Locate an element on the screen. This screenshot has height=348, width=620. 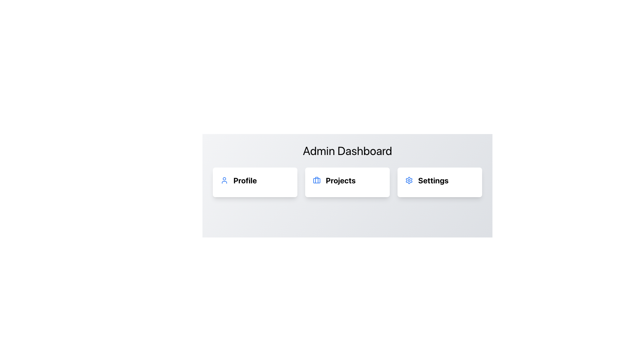
the 'Profile' button, which features a blue person icon and the text 'Profile' in bold, located in the top-left white card of the grid layout below the 'Admin Dashboard' header is located at coordinates (255, 180).